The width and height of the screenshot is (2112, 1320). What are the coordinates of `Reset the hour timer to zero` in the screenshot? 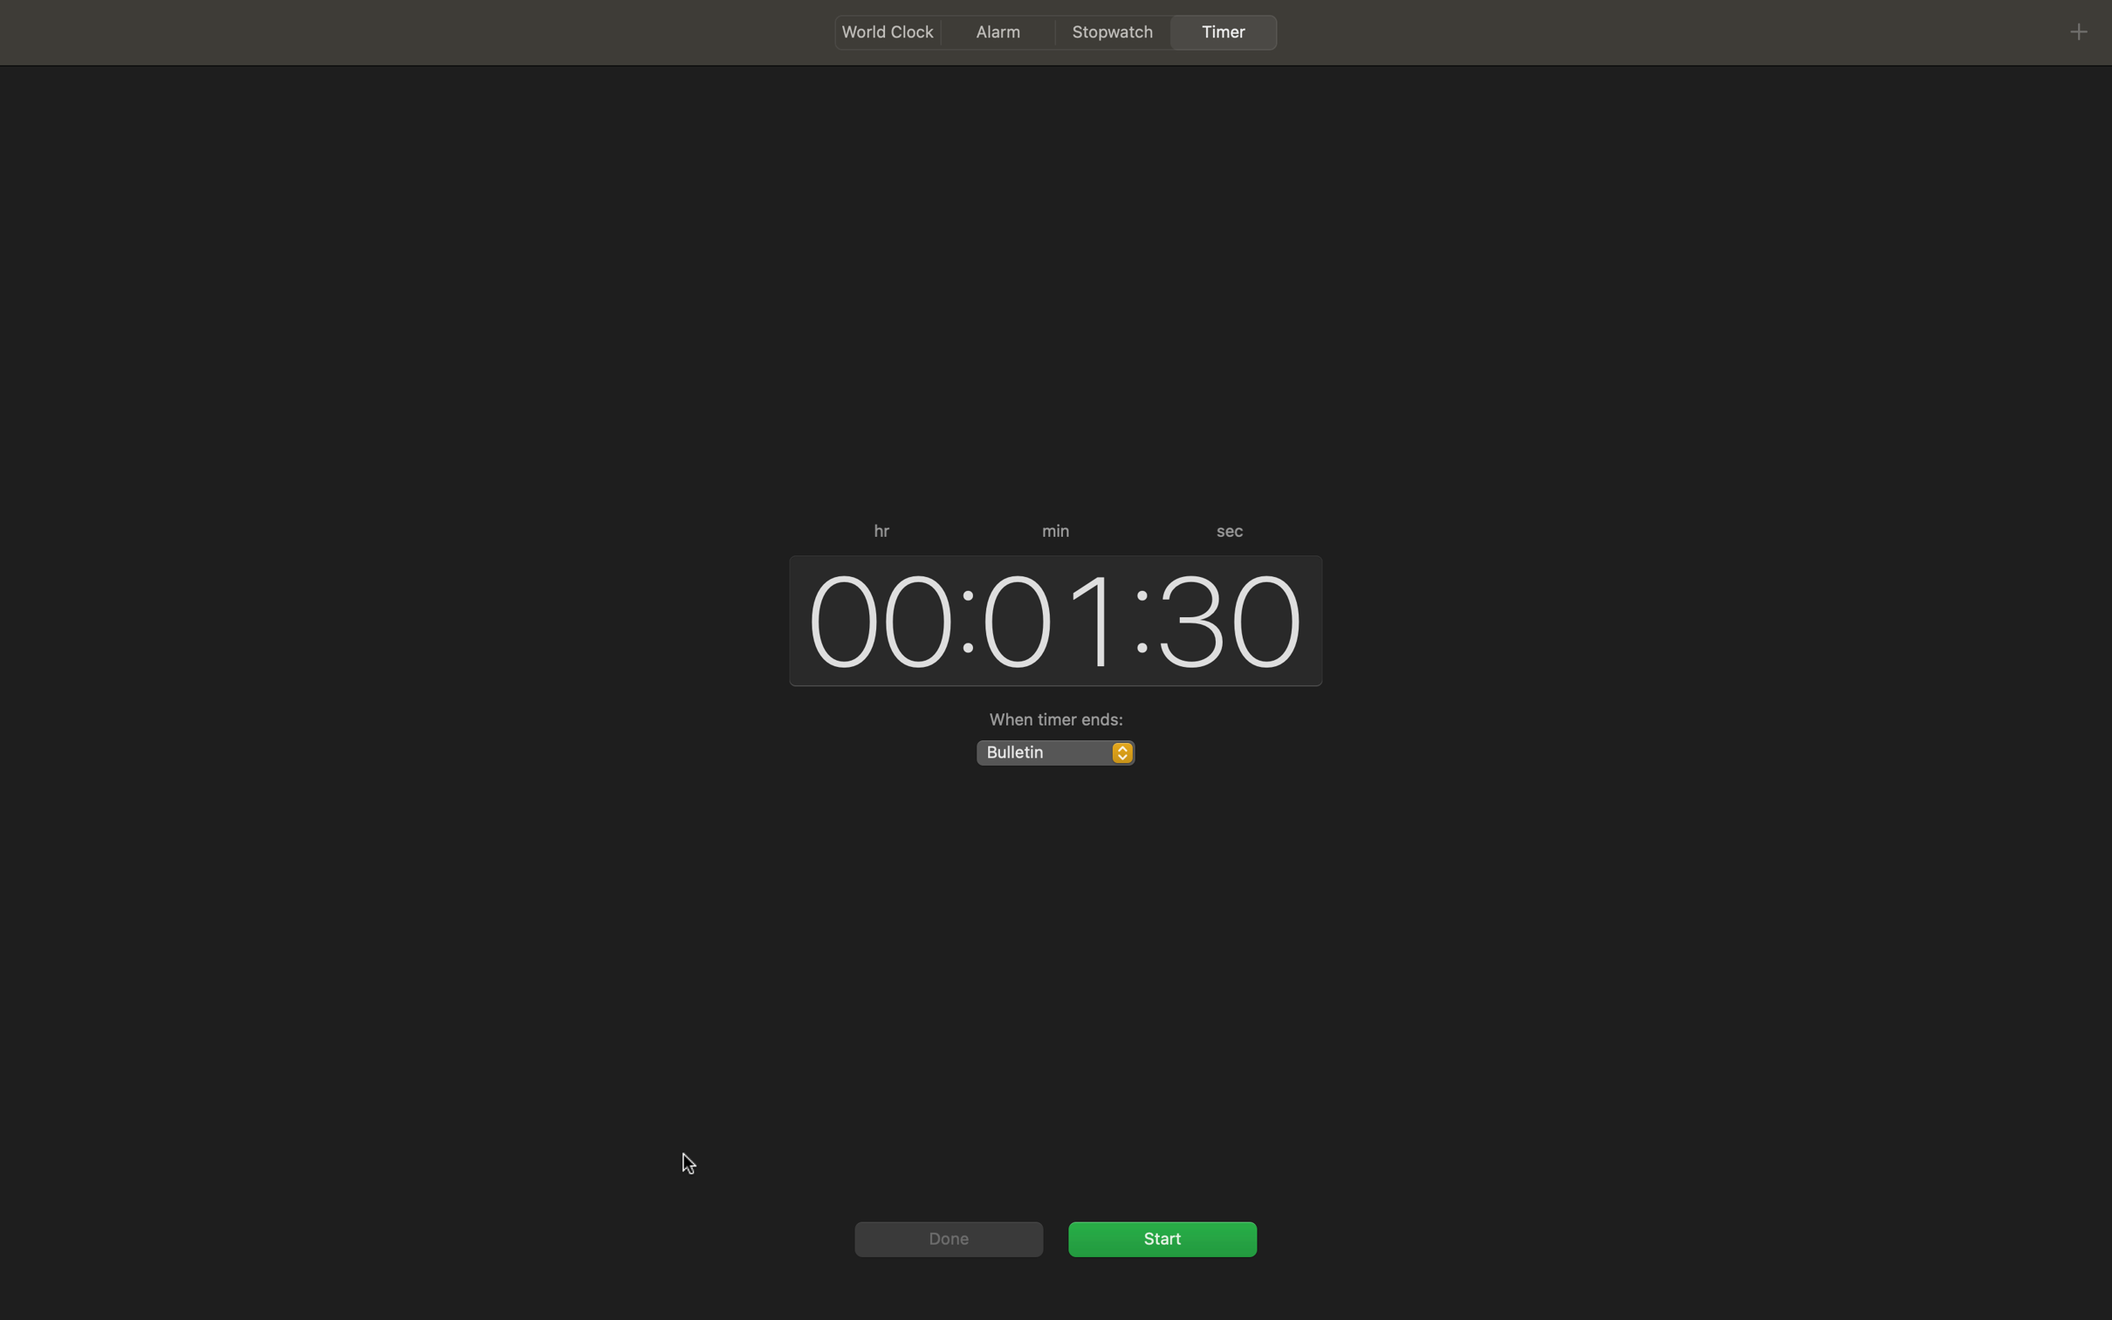 It's located at (873, 617).